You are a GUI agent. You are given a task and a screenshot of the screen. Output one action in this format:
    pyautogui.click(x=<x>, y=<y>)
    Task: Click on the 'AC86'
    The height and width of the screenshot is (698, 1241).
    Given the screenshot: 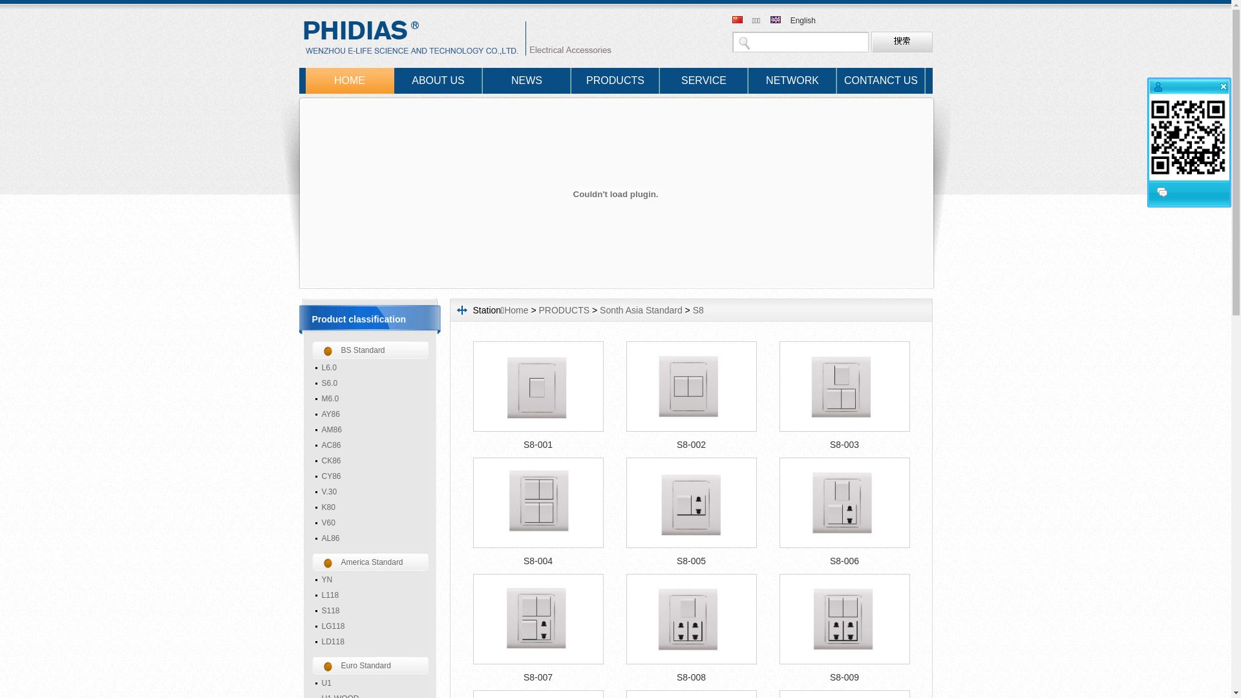 What is the action you would take?
    pyautogui.click(x=297, y=445)
    